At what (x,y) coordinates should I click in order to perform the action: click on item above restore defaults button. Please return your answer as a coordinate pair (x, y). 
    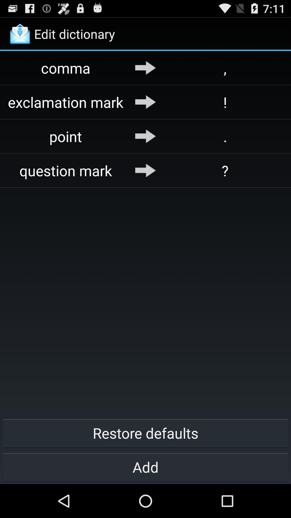
    Looking at the image, I should click on (225, 170).